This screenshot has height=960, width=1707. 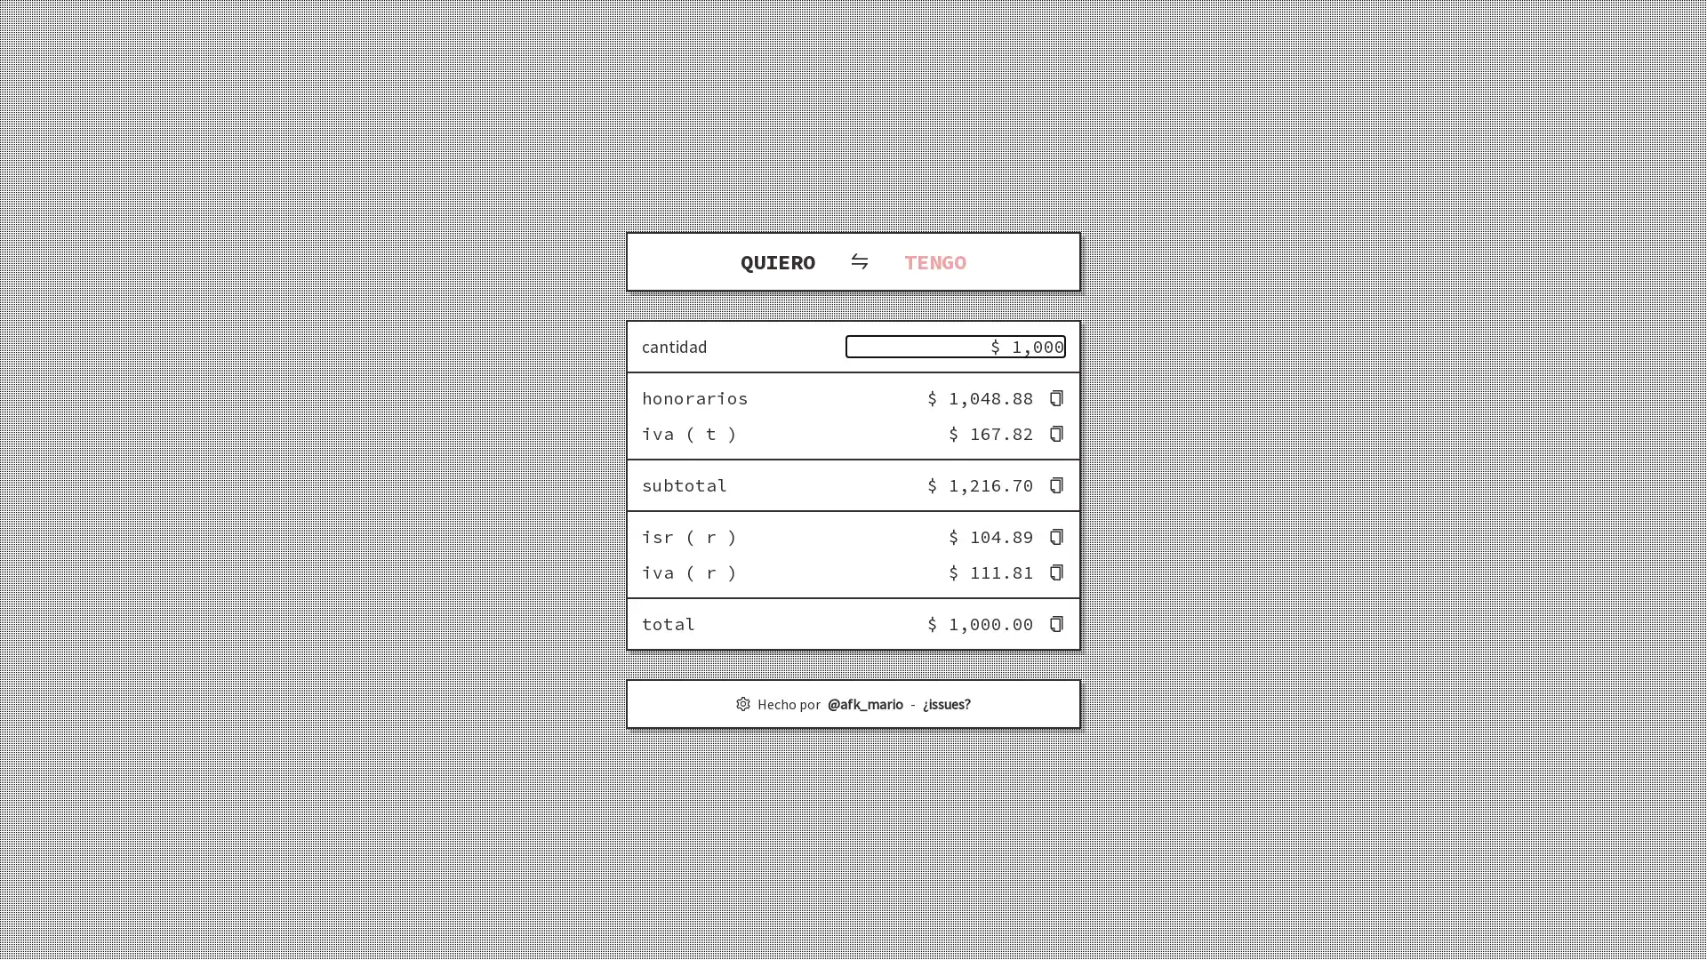 I want to click on total $ 1,000.00, so click(x=853, y=622).